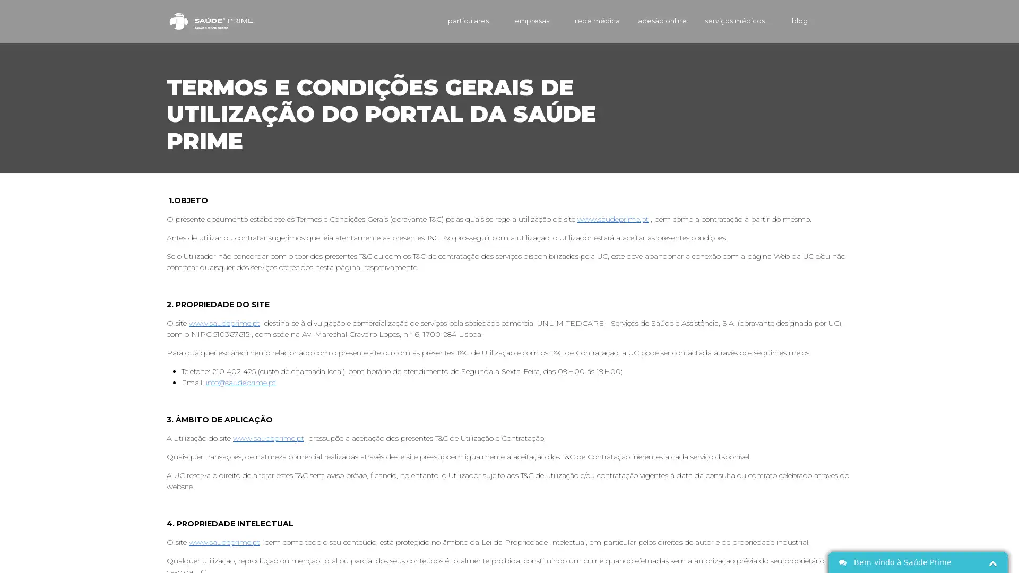 The height and width of the screenshot is (573, 1019). I want to click on Areas Privadas, so click(837, 21).